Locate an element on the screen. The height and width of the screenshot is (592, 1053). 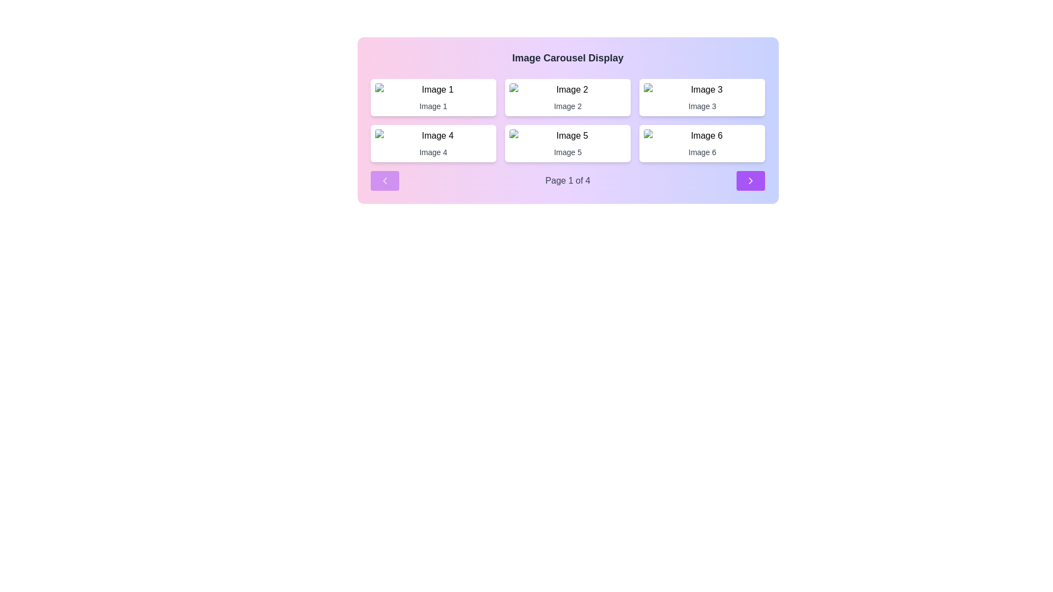
the image element with alternate text 'Image 5', which is the second row's middle item in a grid of image cards is located at coordinates (568, 135).